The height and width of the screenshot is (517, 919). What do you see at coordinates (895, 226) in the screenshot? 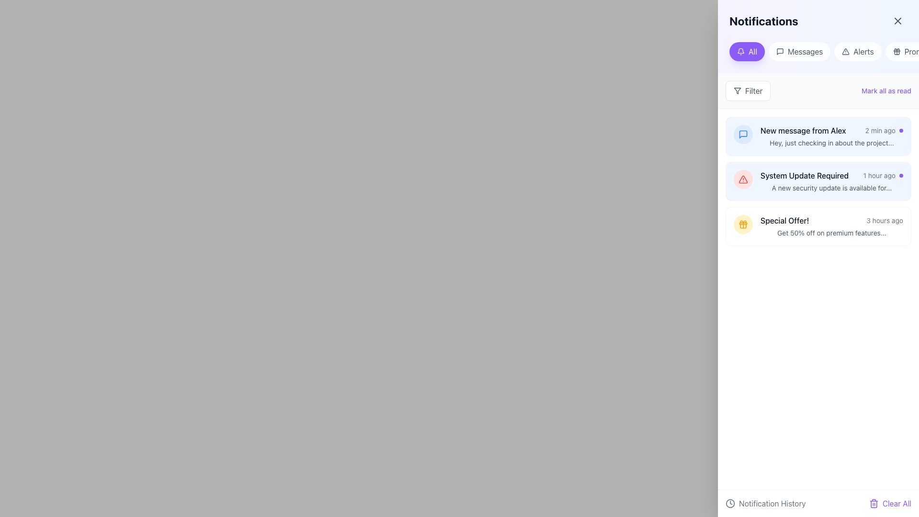
I see `the ellipsis menu button, which is a circular icon with three vertically aligned gray dots located in the rightmost section of the third notification card in the 'Notifications' panel` at bounding box center [895, 226].